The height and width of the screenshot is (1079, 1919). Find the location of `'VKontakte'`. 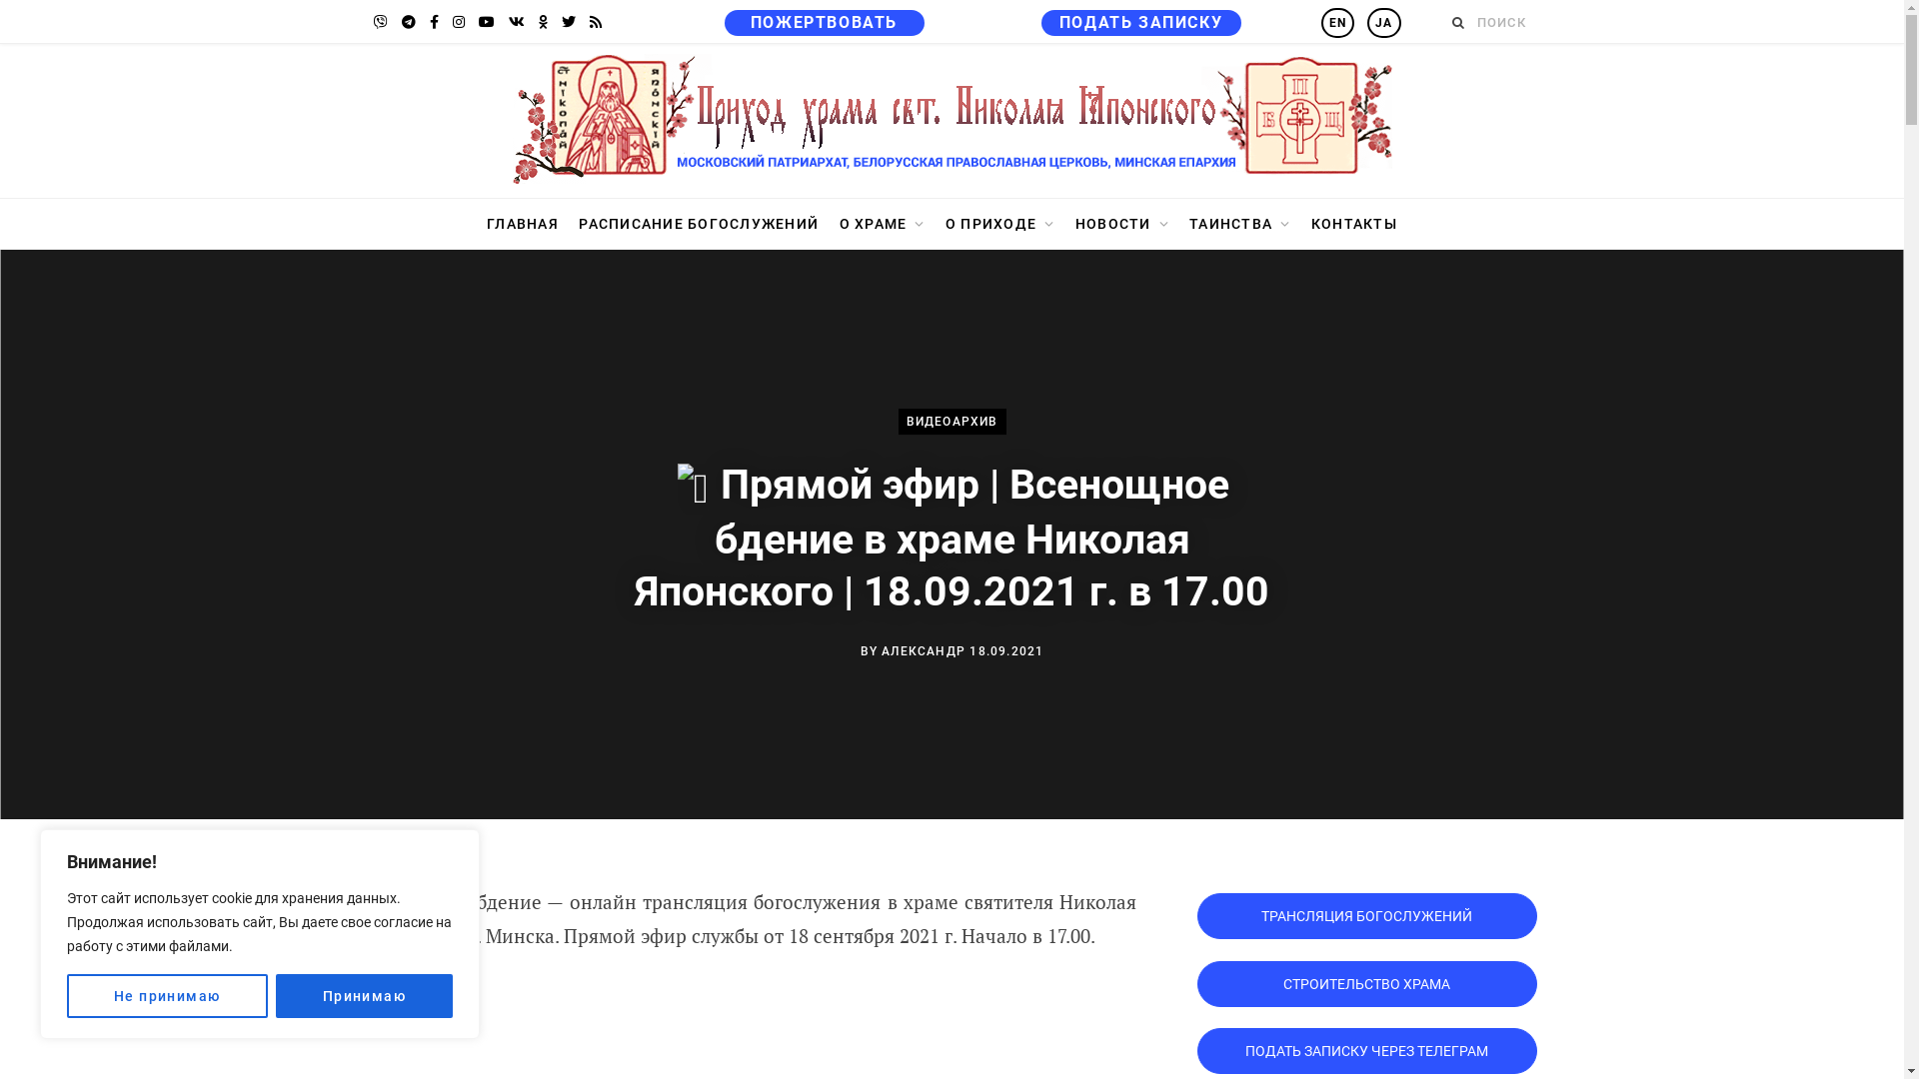

'VKontakte' is located at coordinates (516, 22).